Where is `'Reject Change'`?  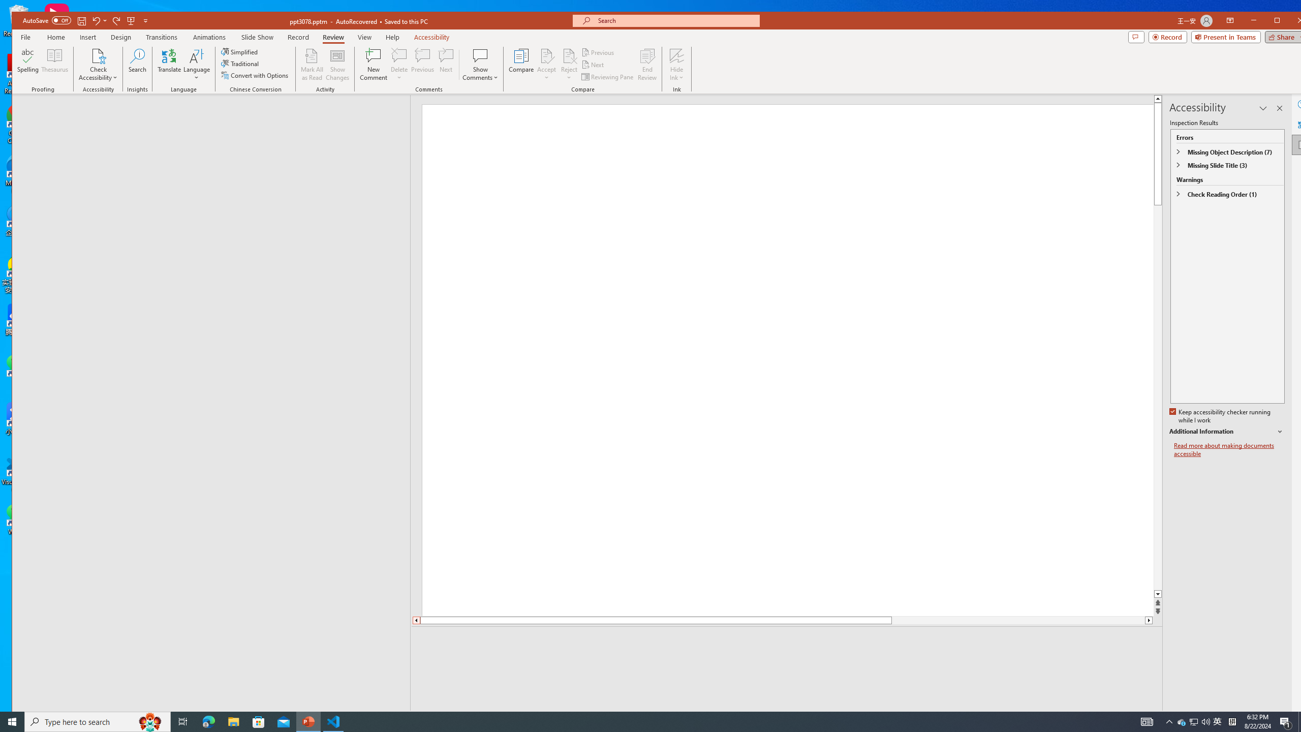
'Reject Change' is located at coordinates (569, 55).